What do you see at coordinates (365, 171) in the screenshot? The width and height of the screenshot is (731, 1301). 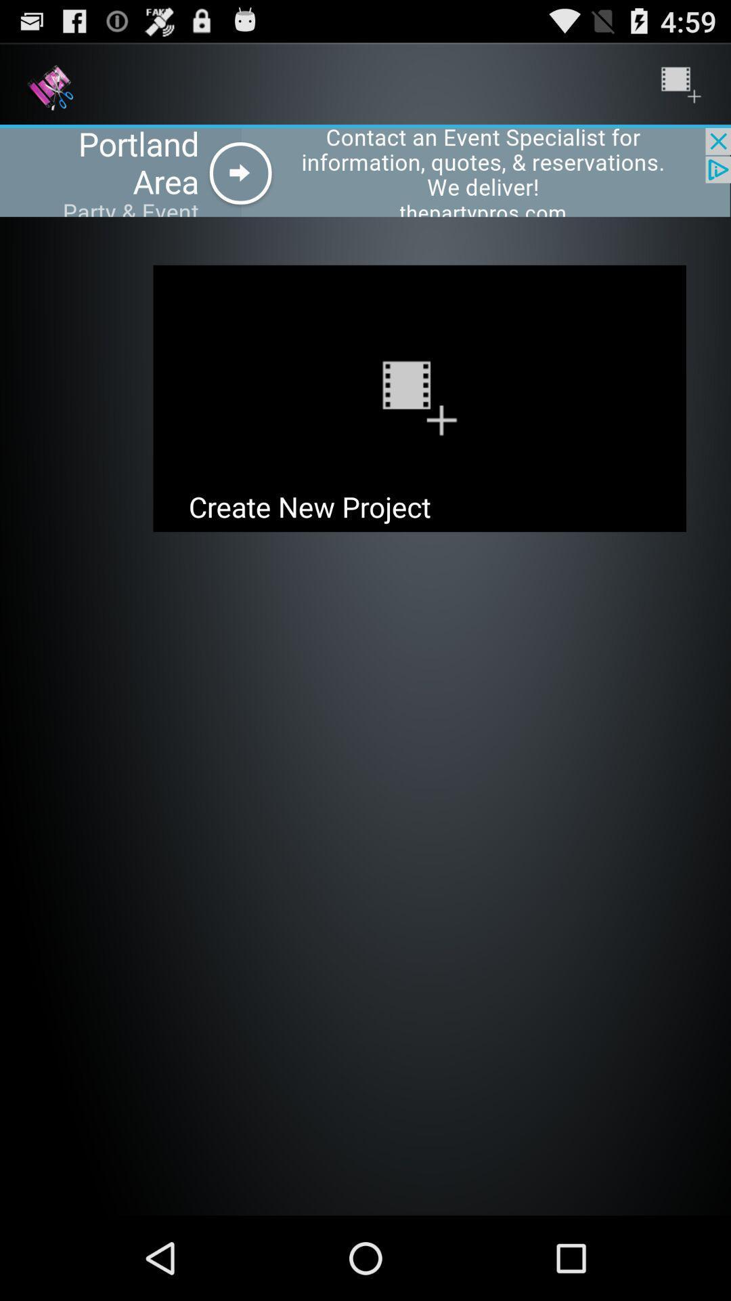 I see `click advertisement` at bounding box center [365, 171].